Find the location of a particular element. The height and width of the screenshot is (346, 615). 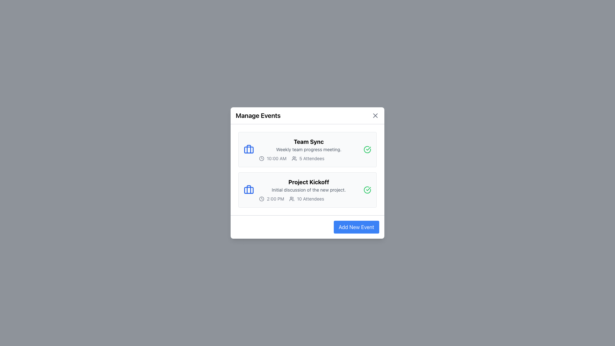

the 'X' close icon located at the top-right corner of the 'Manage Events' modal dialog is located at coordinates (375, 116).